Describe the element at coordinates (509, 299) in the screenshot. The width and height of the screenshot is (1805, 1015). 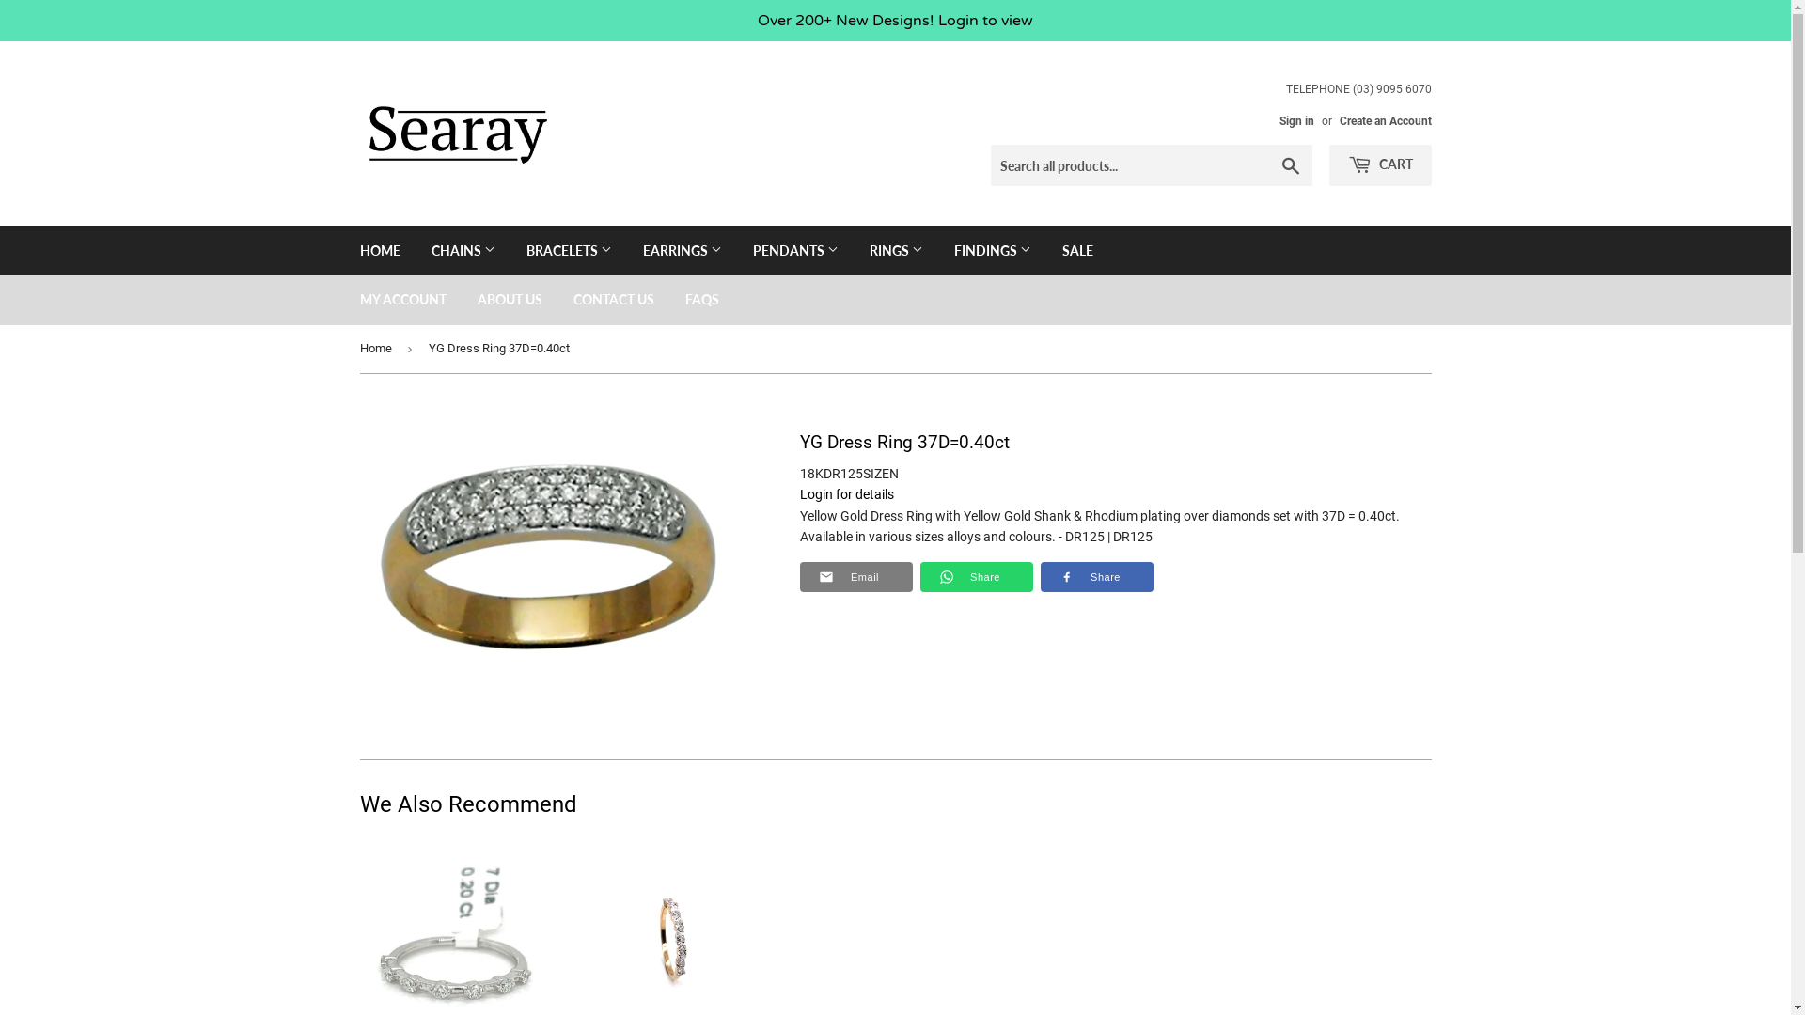
I see `'ABOUT US'` at that location.